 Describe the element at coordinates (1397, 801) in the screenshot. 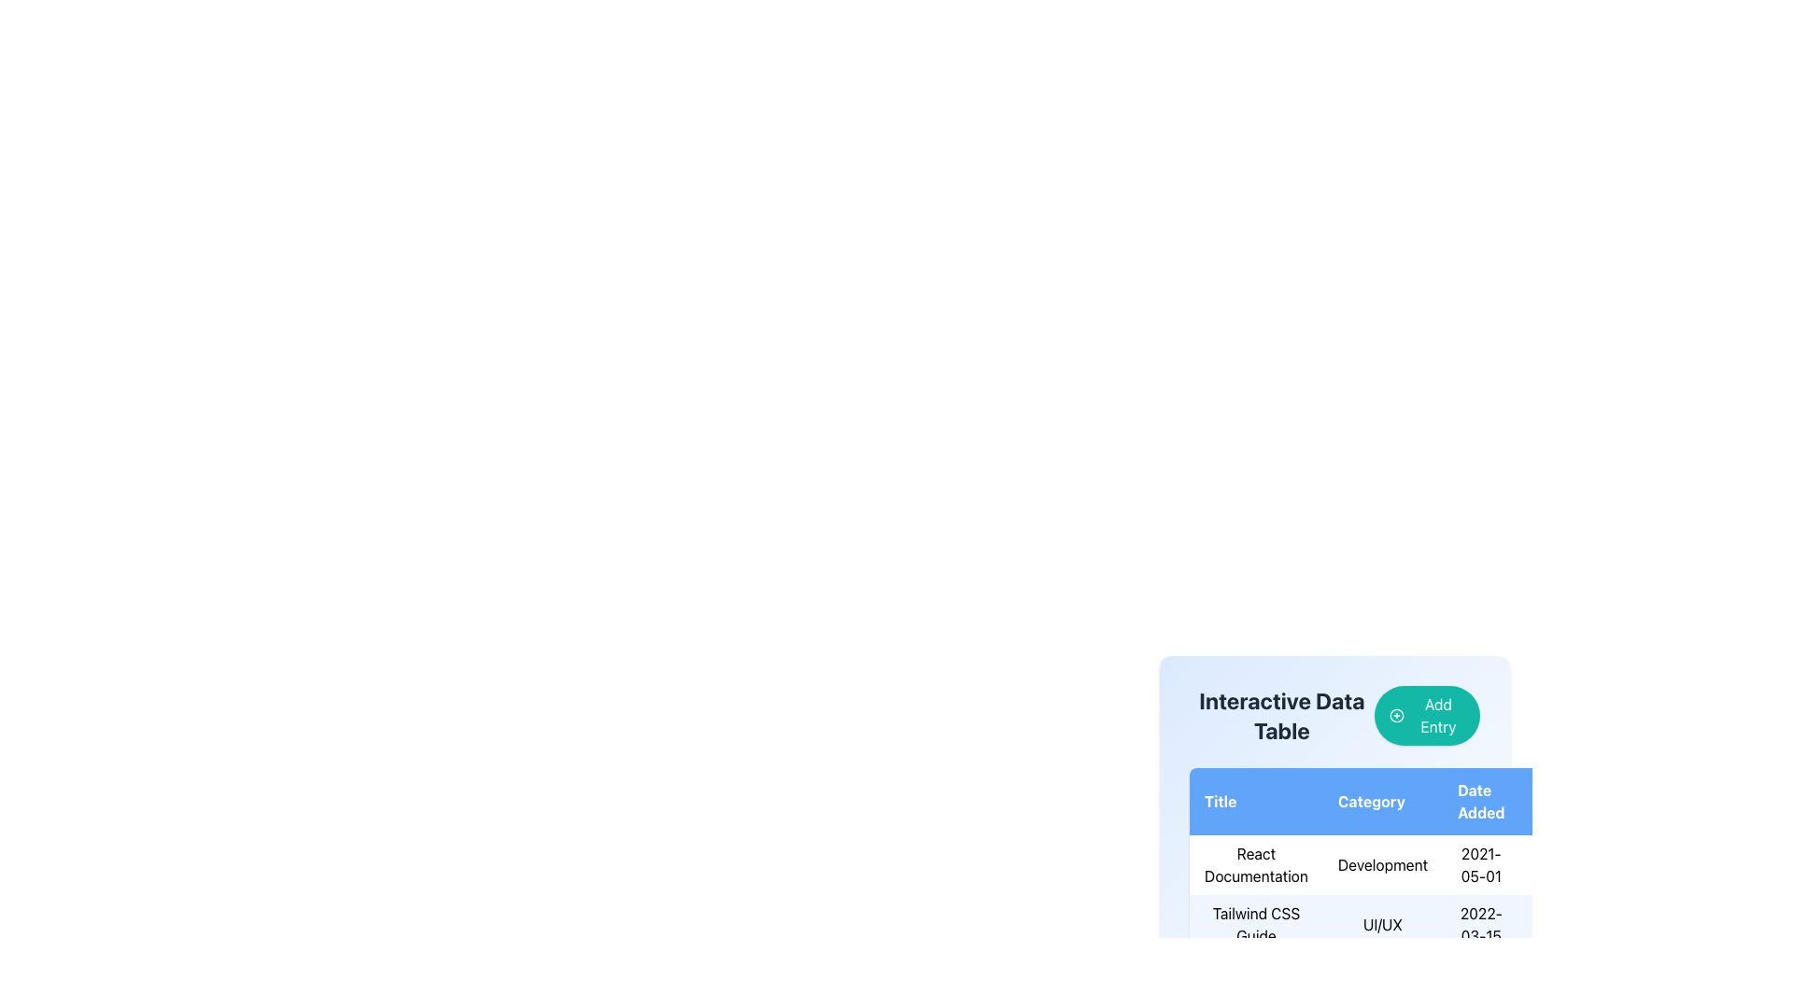

I see `header text of the Table Header Row containing 'Title', 'Category', 'Date Added', and 'Actions', which is a blue rectangular section at the top of the data table` at that location.